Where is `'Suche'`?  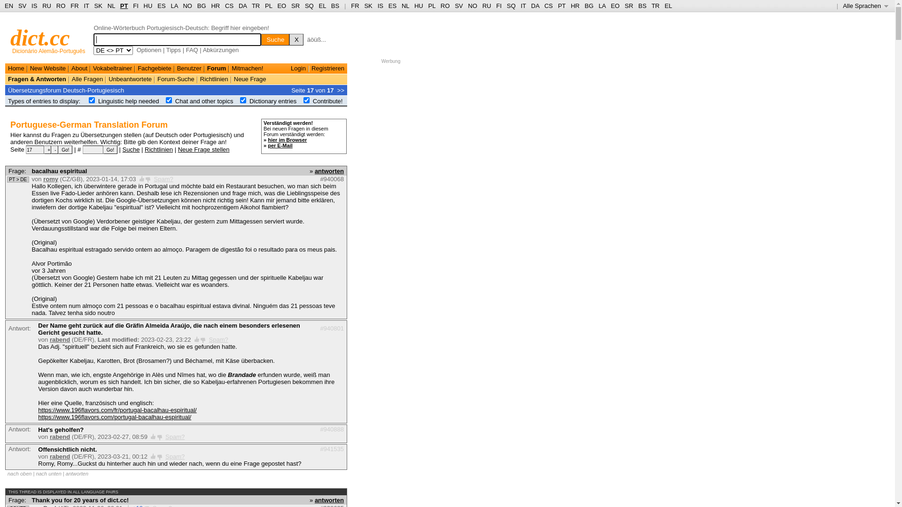
'Suche' is located at coordinates (274, 39).